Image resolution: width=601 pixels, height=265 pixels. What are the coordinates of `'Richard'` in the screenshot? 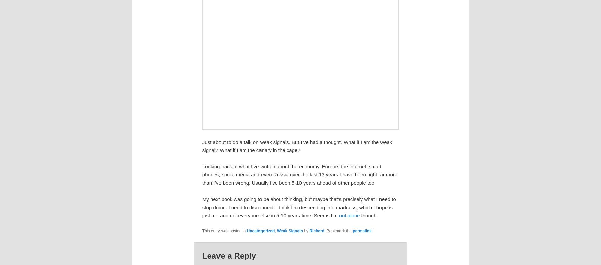 It's located at (317, 230).